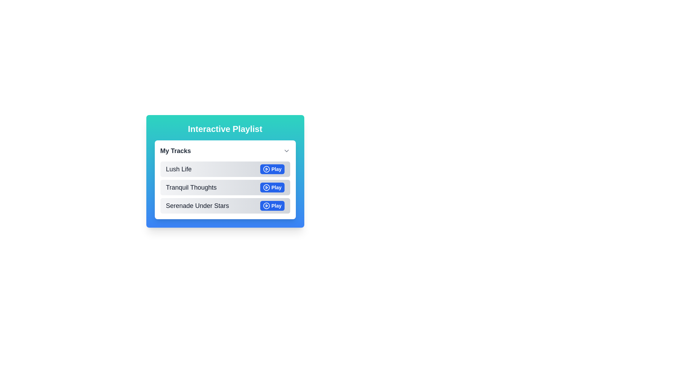 This screenshot has height=380, width=677. Describe the element at coordinates (266, 206) in the screenshot. I see `the circular SVG graphic with a blue stroke located within the 'Play' button for the 'Serenade Under Stars' track` at that location.